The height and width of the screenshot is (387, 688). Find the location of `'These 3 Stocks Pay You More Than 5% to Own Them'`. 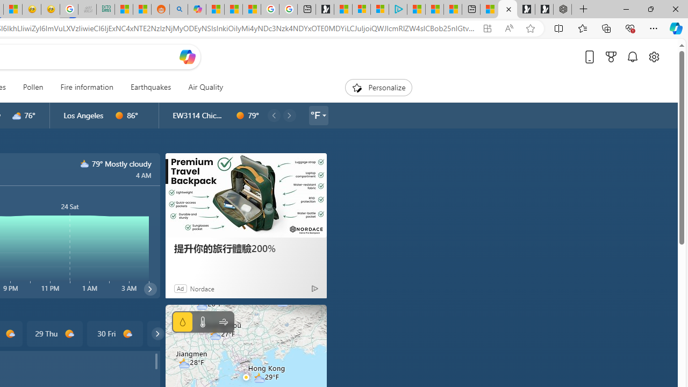

'These 3 Stocks Pay You More Than 5% to Own Them' is located at coordinates (453, 9).